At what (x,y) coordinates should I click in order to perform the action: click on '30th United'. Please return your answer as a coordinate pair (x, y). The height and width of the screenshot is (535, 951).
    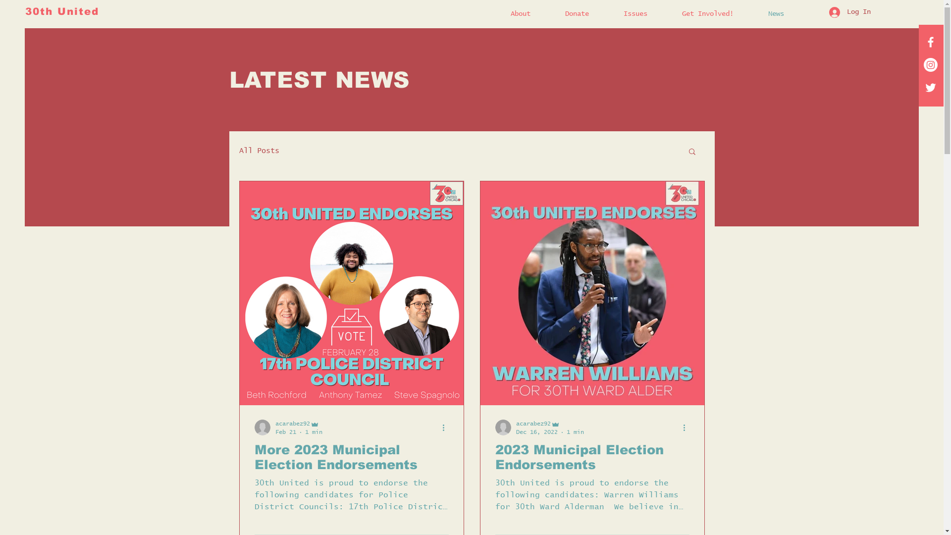
    Looking at the image, I should click on (61, 11).